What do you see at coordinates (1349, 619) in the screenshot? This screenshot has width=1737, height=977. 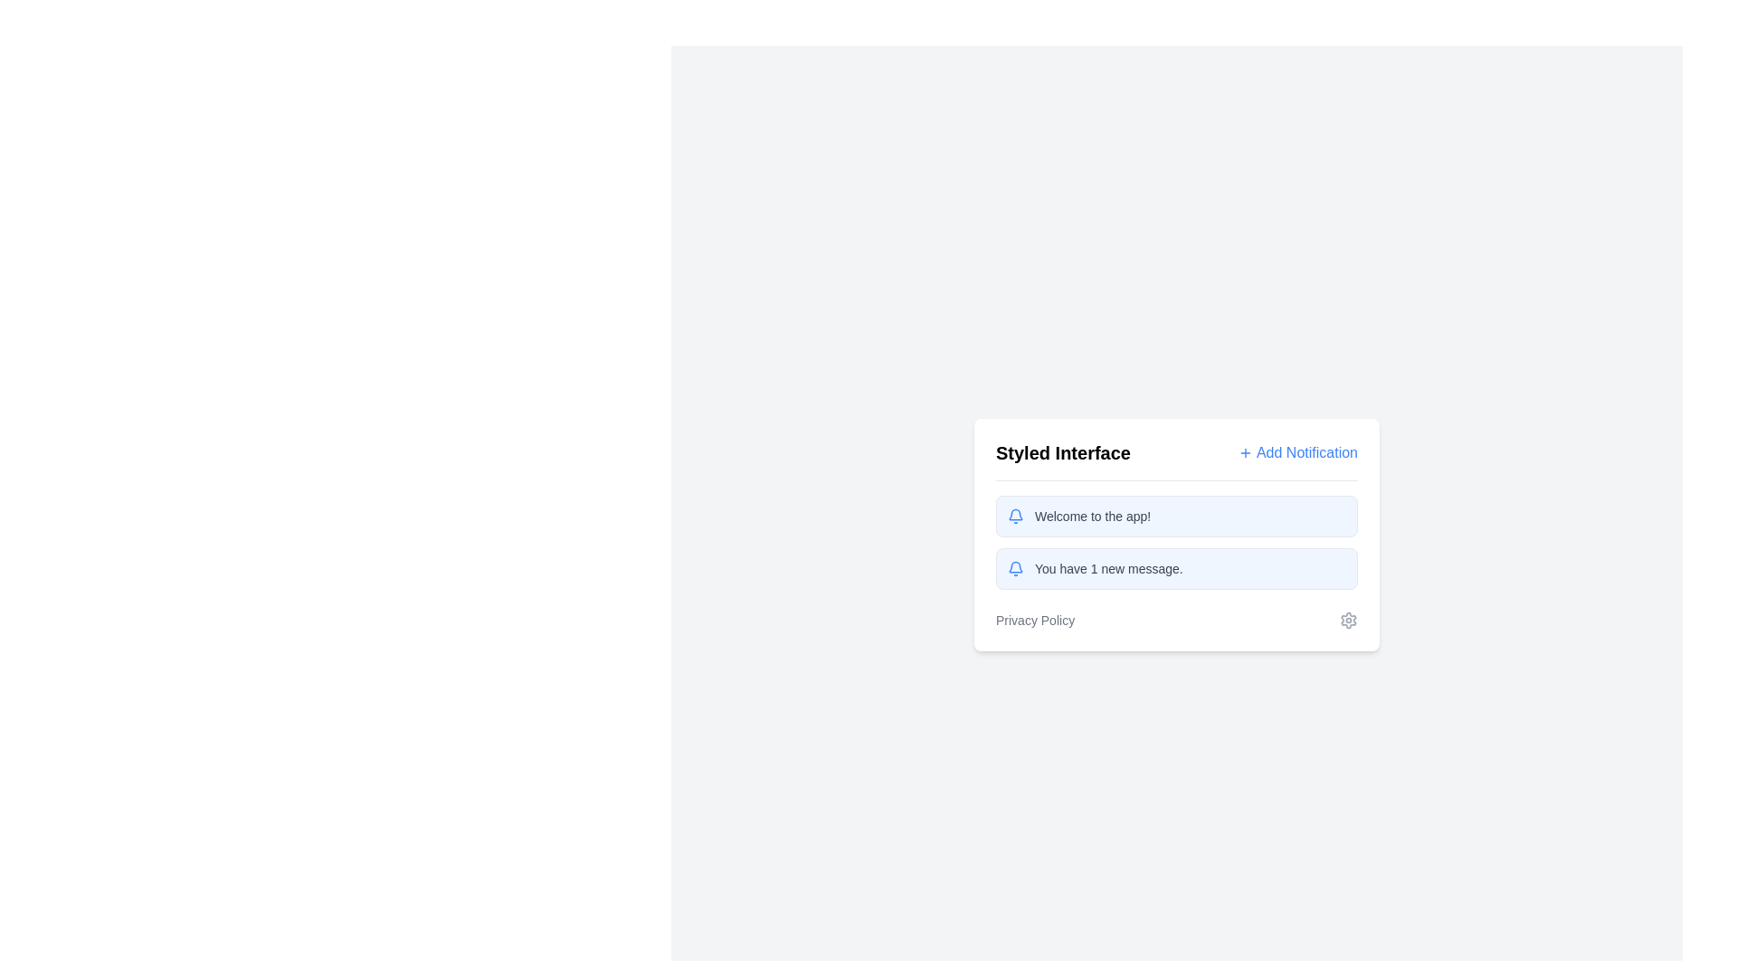 I see `the settings gear SVG graphics icon located at the lower-right corner of the card-style interface next to the 'Privacy Policy' text` at bounding box center [1349, 619].